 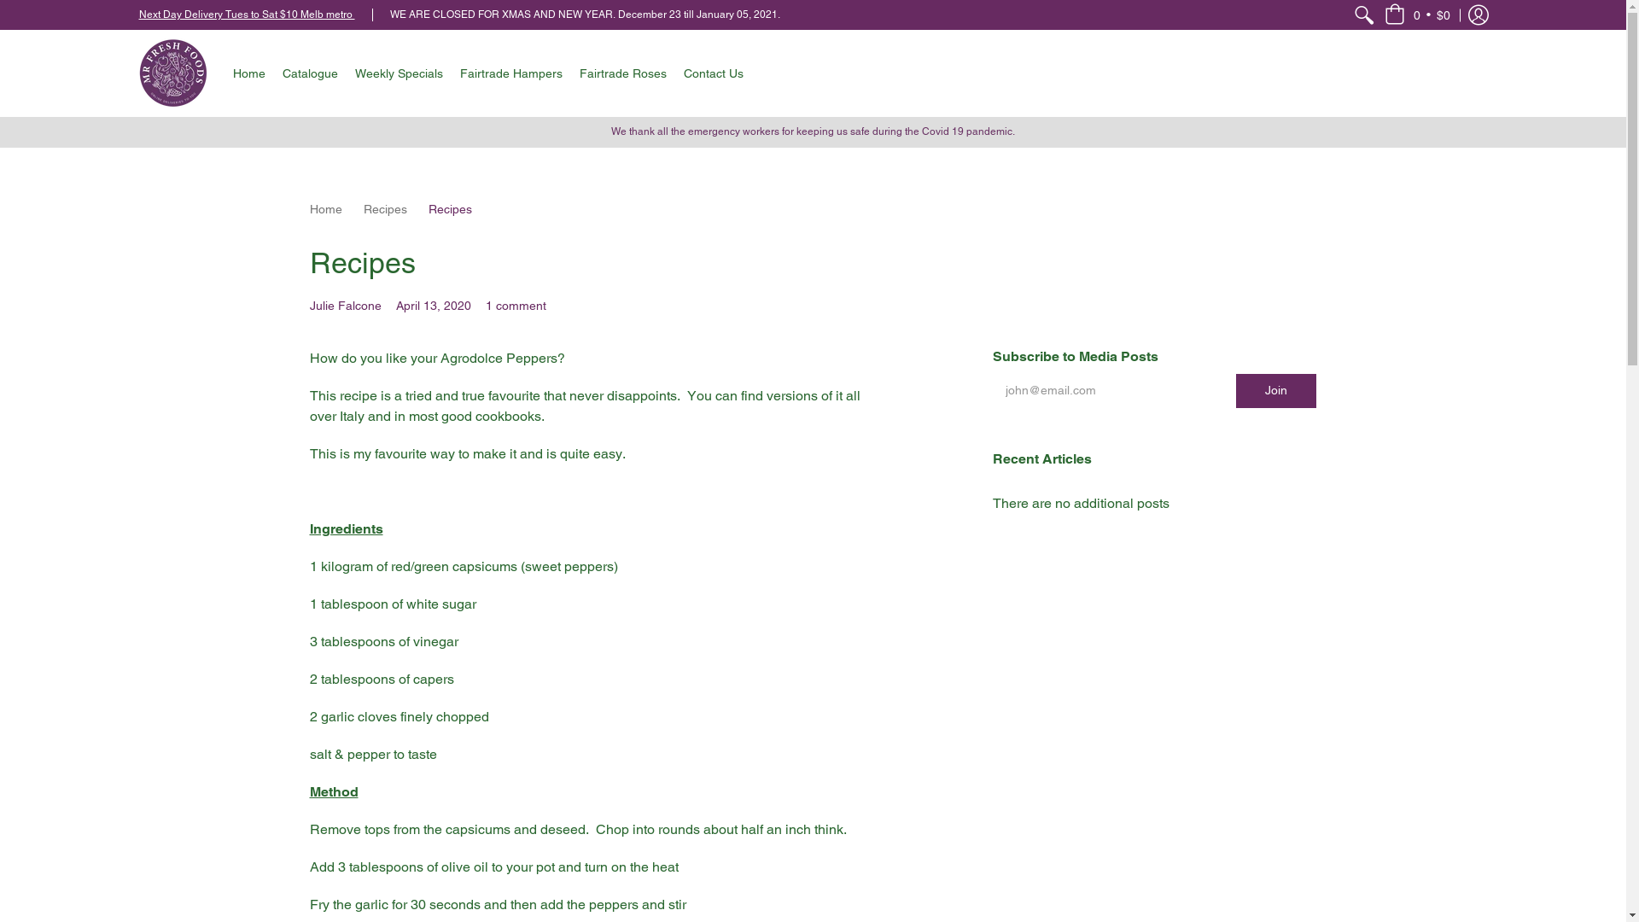 What do you see at coordinates (514, 305) in the screenshot?
I see `'1 comment'` at bounding box center [514, 305].